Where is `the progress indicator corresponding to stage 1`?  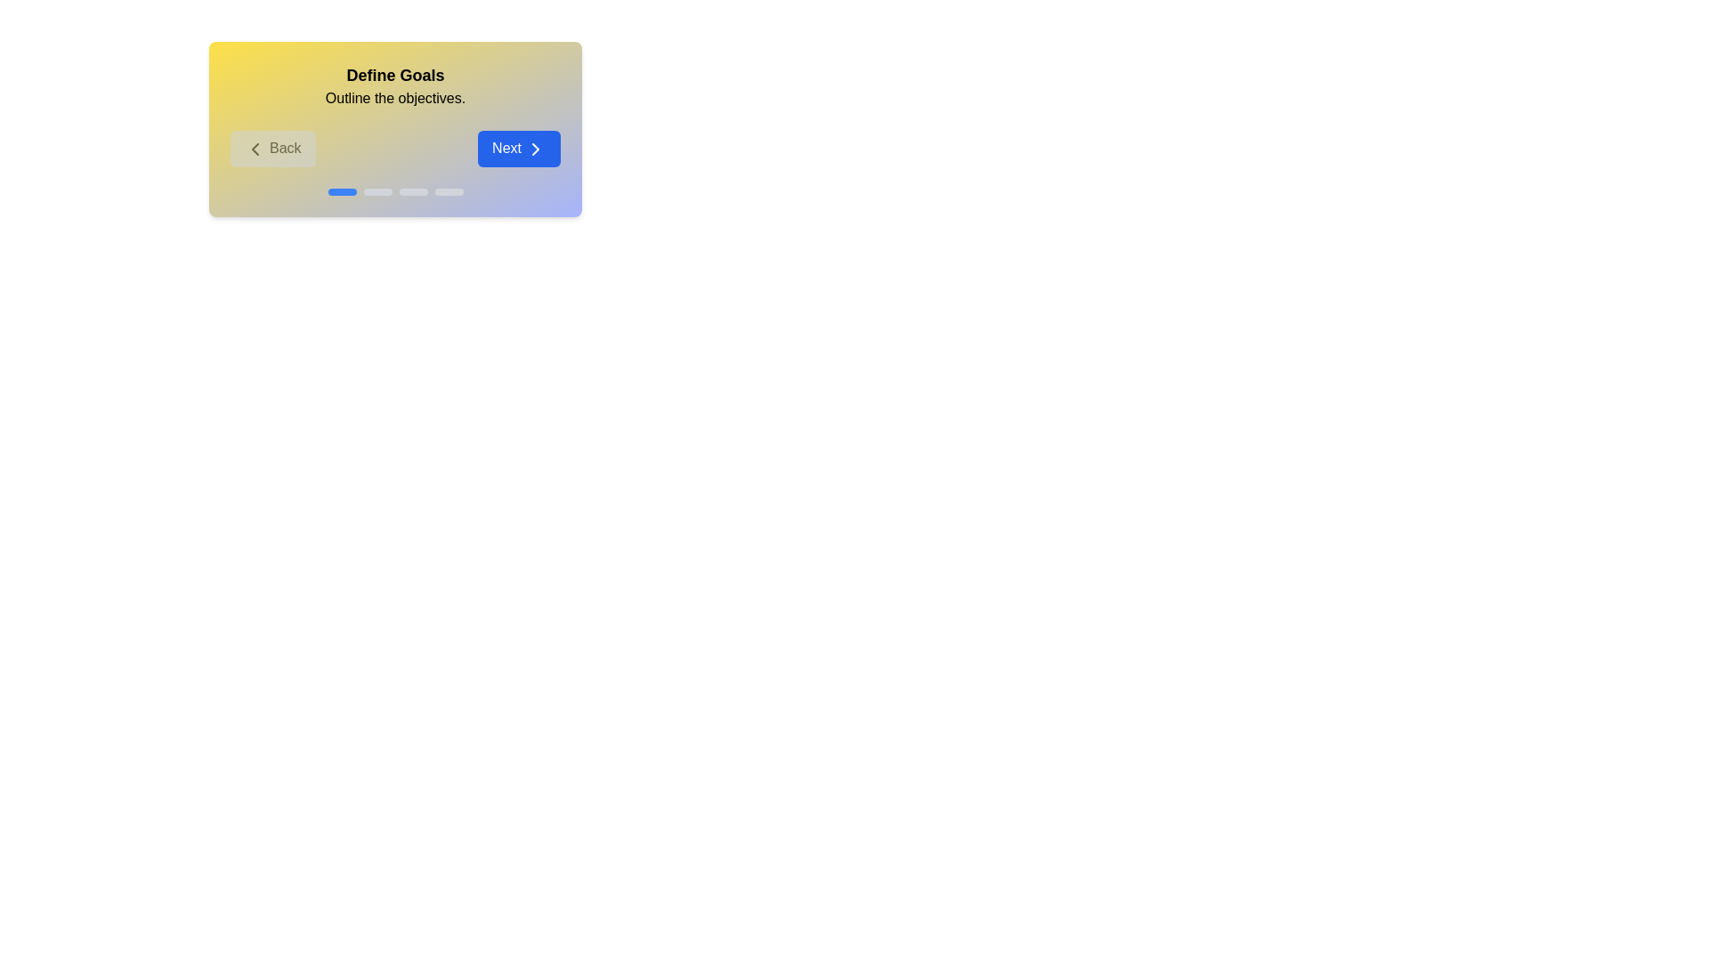
the progress indicator corresponding to stage 1 is located at coordinates (342, 191).